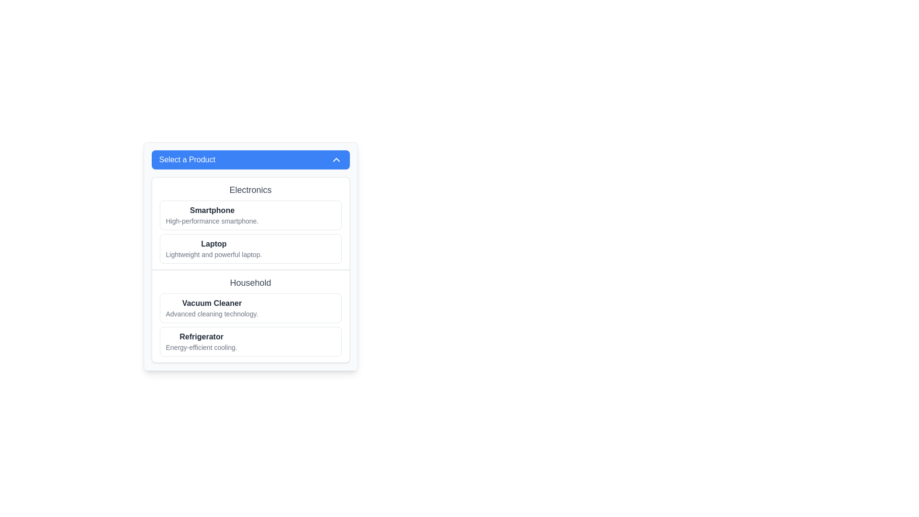 This screenshot has width=919, height=517. Describe the element at coordinates (250, 215) in the screenshot. I see `to select the first item in the vertical list under the 'Electronics' heading, which displays information about the Smartphone` at that location.